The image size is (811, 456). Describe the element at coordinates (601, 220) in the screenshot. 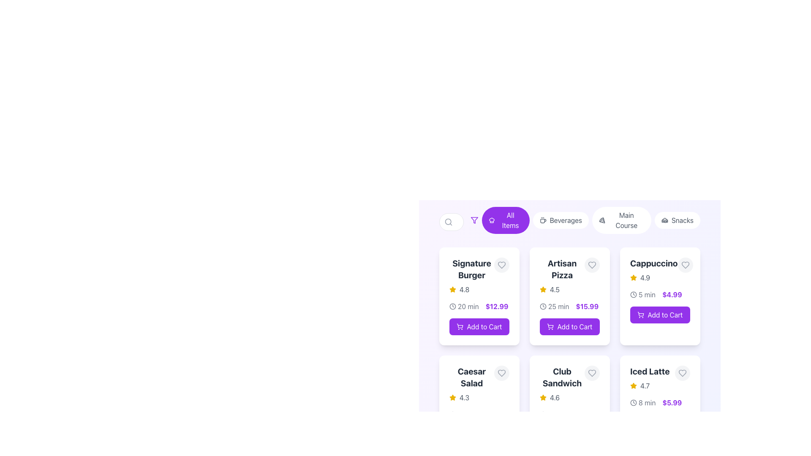

I see `any pop-ups or tooltips triggered by the 'Main Course' icon located to the left of the 'Main Course' text in the top navigation bar` at that location.